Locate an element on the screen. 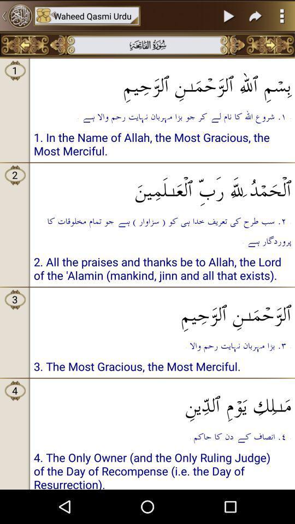 Image resolution: width=295 pixels, height=524 pixels. icon above the 1 item is located at coordinates (25, 45).